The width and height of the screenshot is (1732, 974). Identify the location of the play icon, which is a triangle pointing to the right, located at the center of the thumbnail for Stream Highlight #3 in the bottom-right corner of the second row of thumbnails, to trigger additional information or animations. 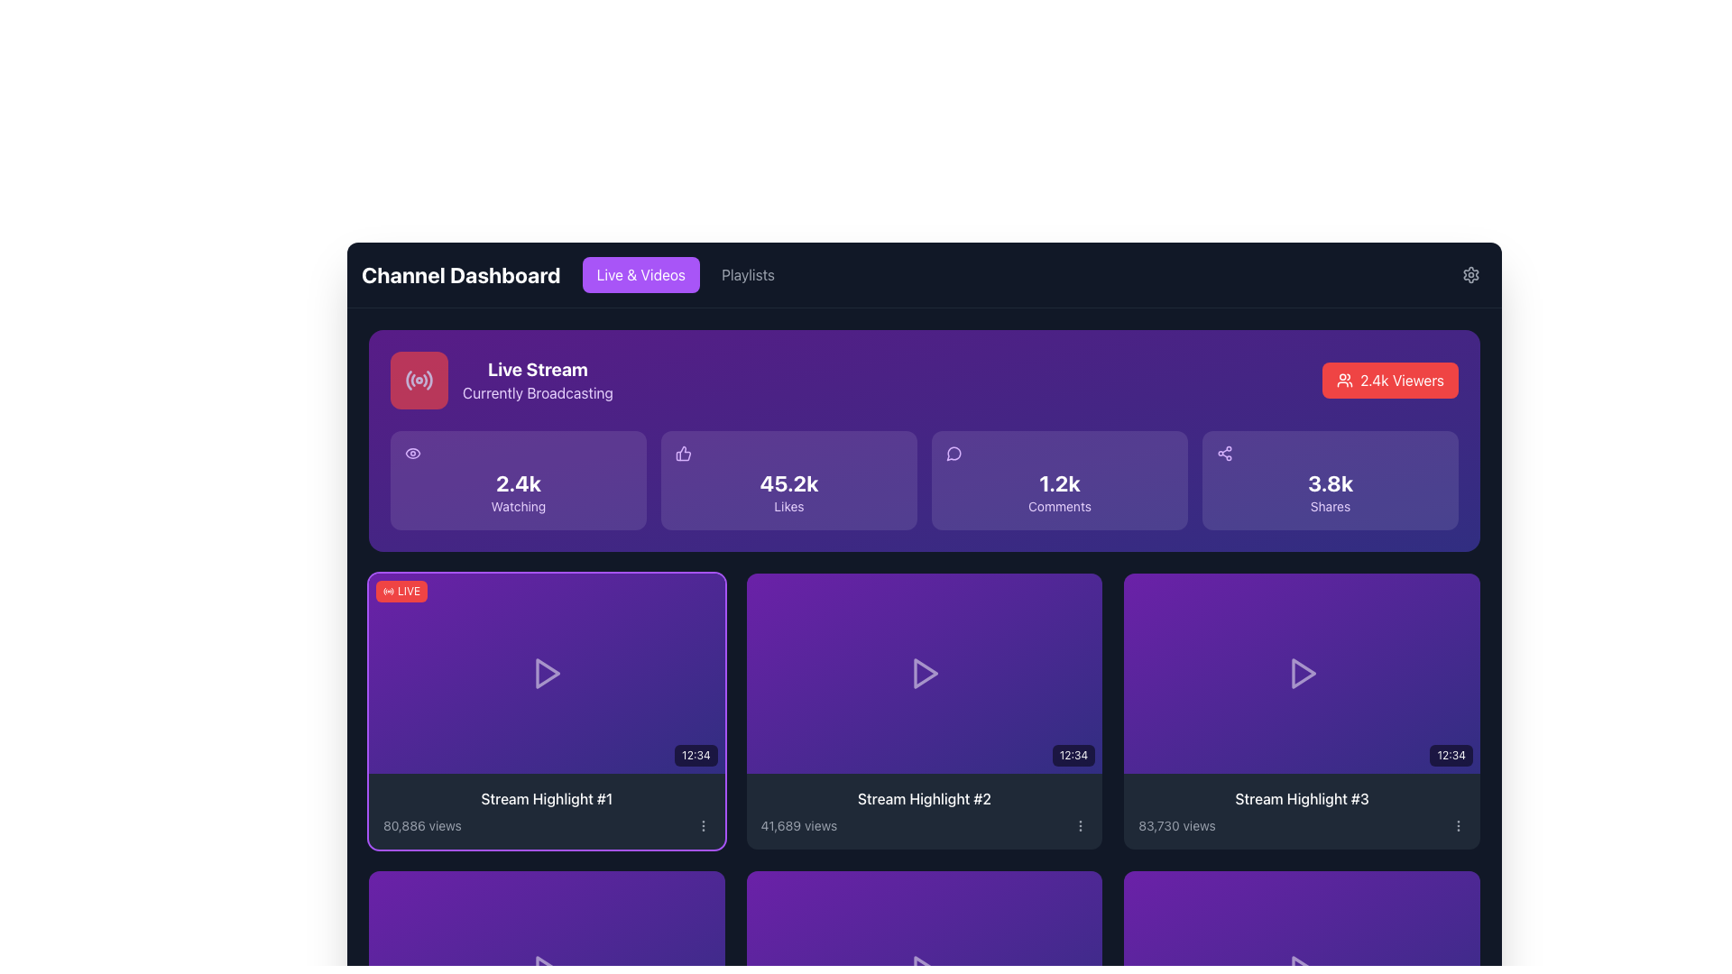
(1302, 673).